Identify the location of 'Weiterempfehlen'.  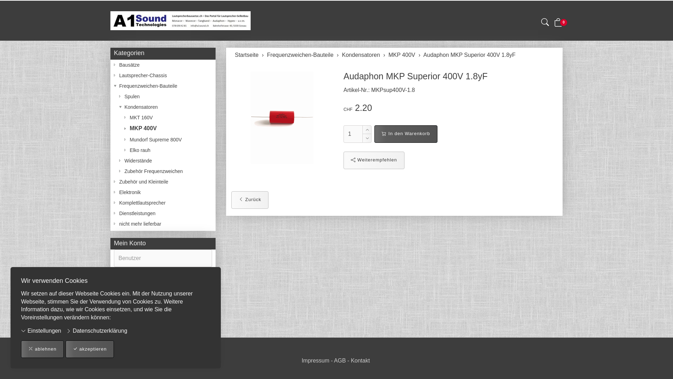
(373, 160).